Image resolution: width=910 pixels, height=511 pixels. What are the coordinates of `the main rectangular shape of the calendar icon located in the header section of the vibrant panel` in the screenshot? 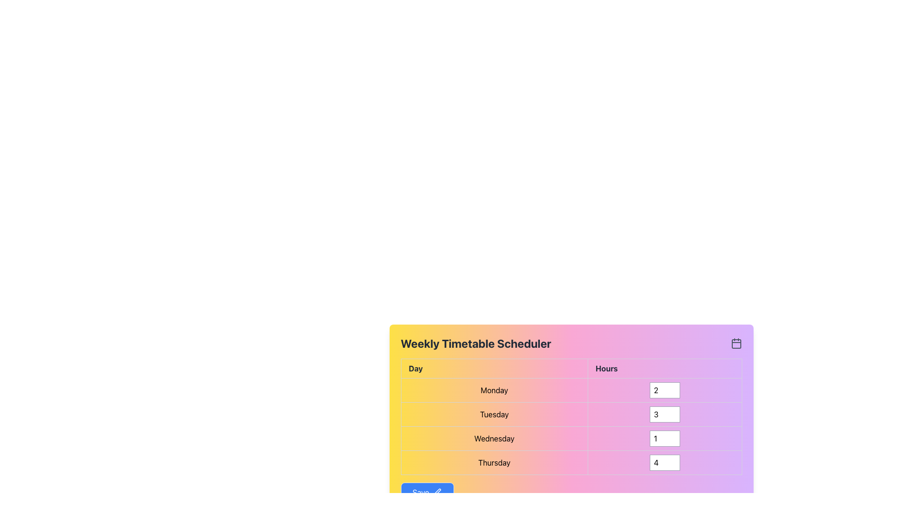 It's located at (736, 344).